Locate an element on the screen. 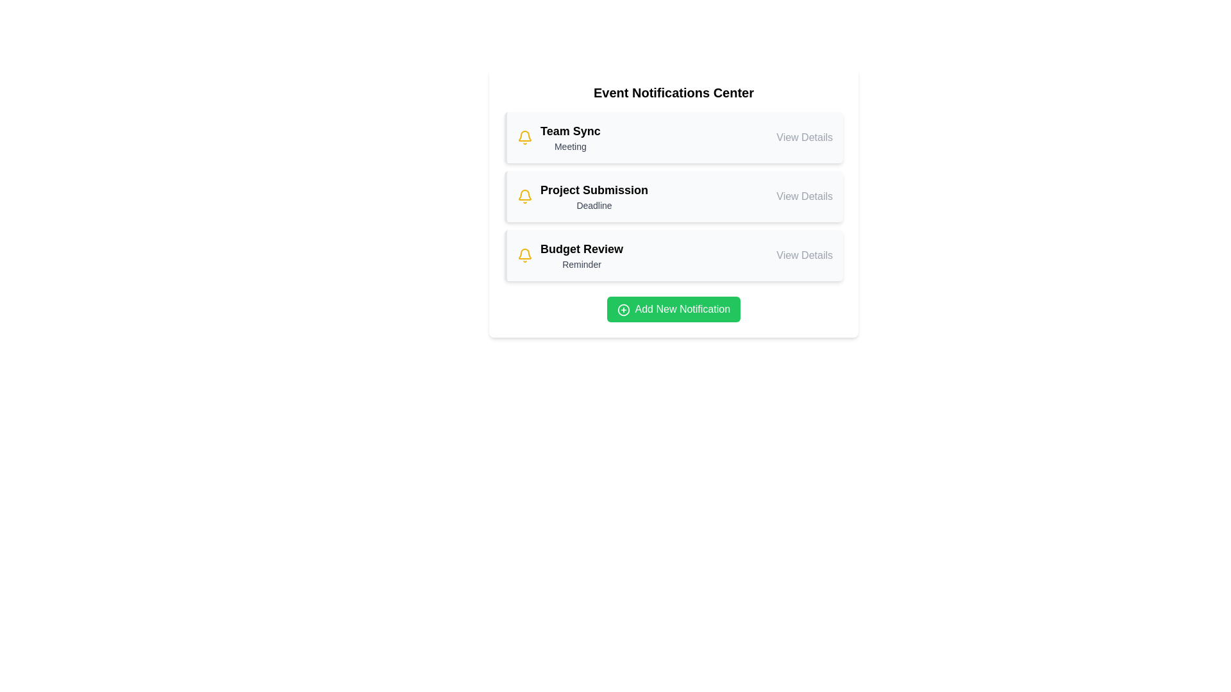  the informational text component displaying the notification title 'Project Submission' and its associated category 'Deadline', which is the second notification in the 'Event Notifications Center' is located at coordinates (593, 197).